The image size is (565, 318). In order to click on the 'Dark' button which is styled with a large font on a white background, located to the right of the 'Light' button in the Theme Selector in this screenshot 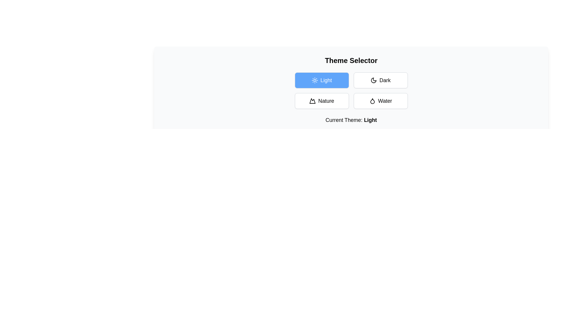, I will do `click(385, 80)`.